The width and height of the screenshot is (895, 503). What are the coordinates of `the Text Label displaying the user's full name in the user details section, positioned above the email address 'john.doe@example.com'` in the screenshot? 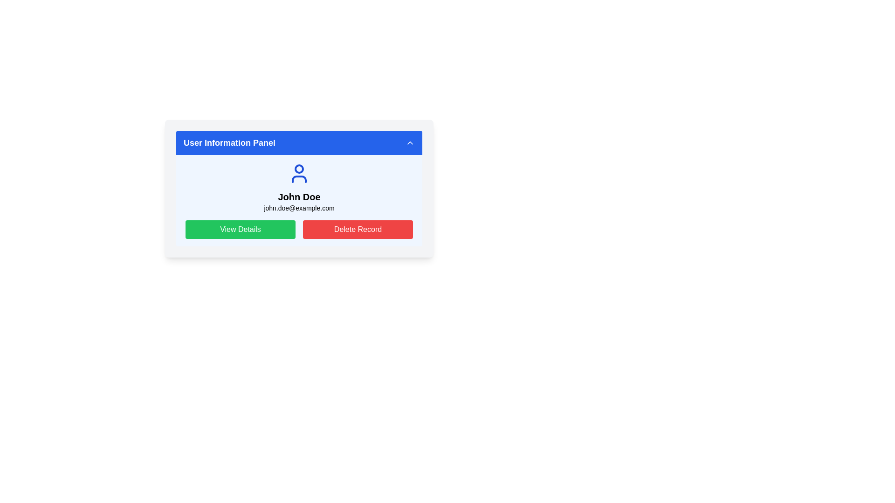 It's located at (299, 197).